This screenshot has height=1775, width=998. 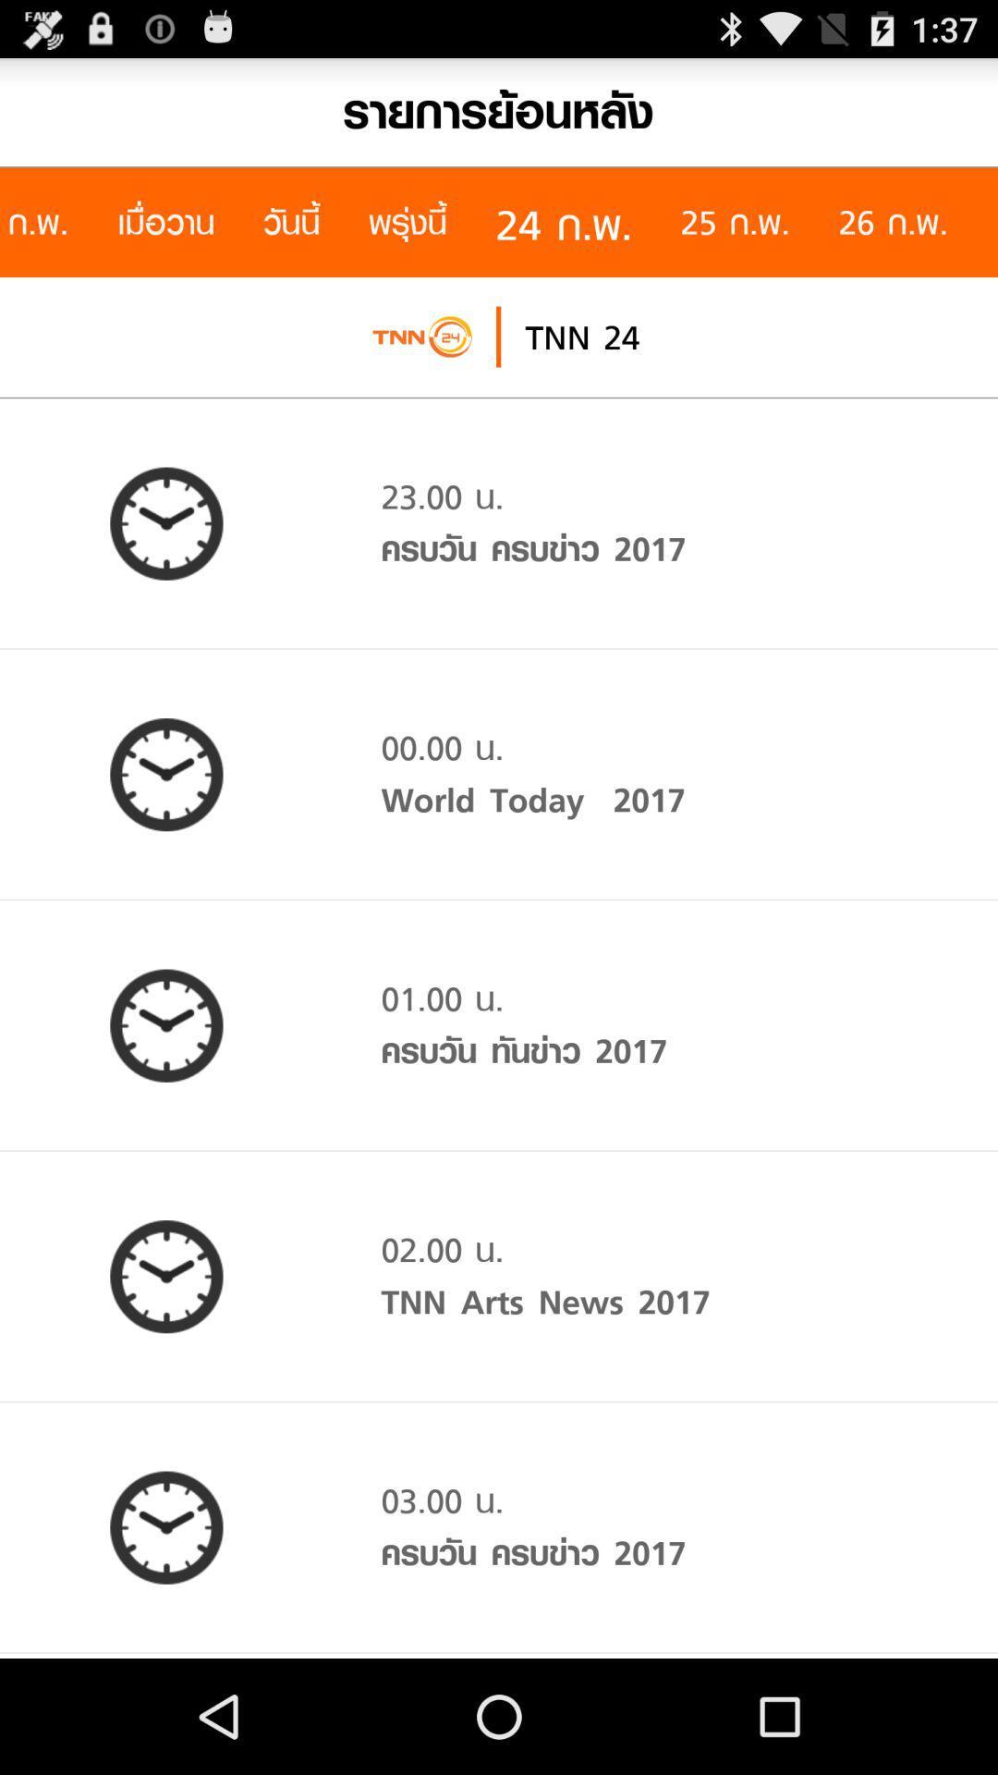 I want to click on world today  2017 icon, so click(x=533, y=800).